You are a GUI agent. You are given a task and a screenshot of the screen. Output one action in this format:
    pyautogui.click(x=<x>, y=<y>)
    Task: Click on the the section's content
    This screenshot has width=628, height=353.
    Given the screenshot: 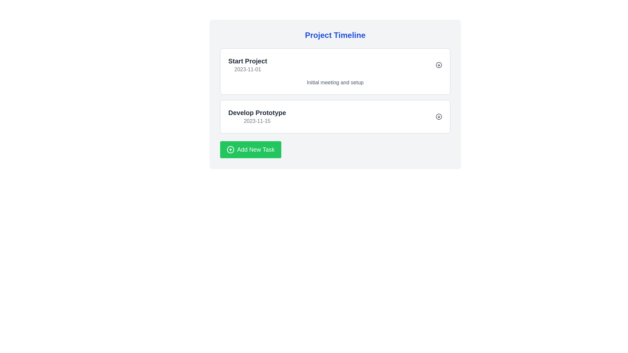 What is the action you would take?
    pyautogui.click(x=335, y=35)
    